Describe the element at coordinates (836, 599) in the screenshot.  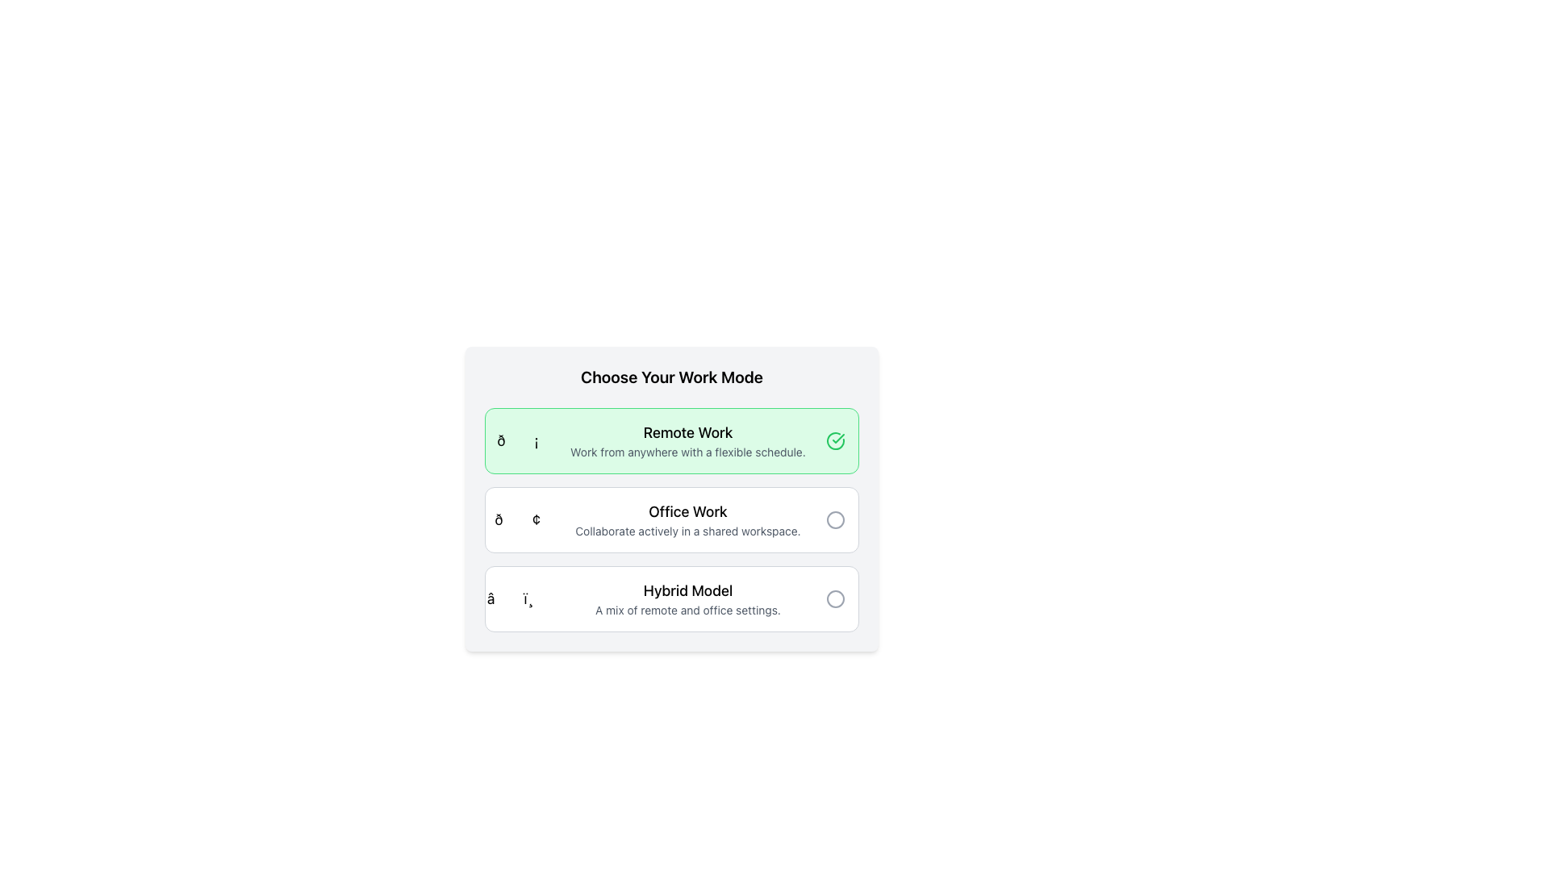
I see `the circular graphical indicator located at the far-right side of the 'Hybrid Model' option in the user interface` at that location.